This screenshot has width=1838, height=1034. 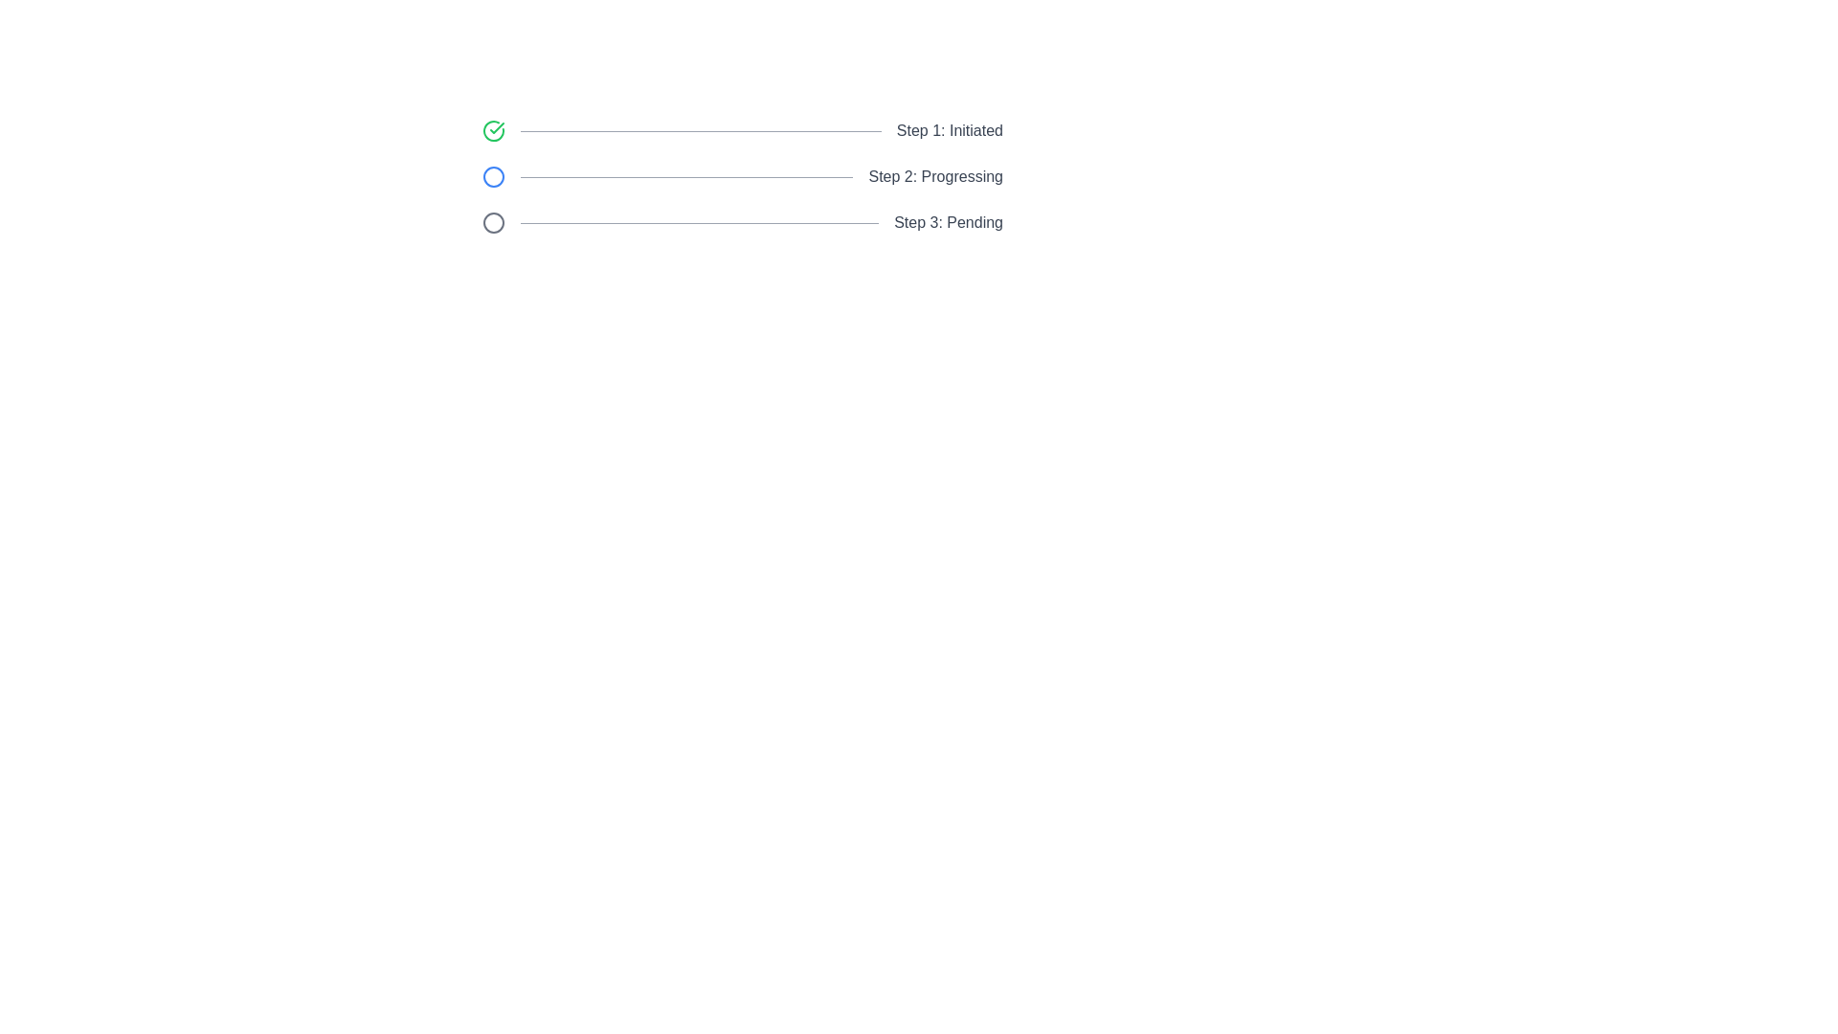 I want to click on the Progress Tracker element, which contains a sequence of steps with visual indicators including a green check mark for 'Initiated', a blue circle for 'Progressing', and a gray circle for 'Pending', so click(x=742, y=177).